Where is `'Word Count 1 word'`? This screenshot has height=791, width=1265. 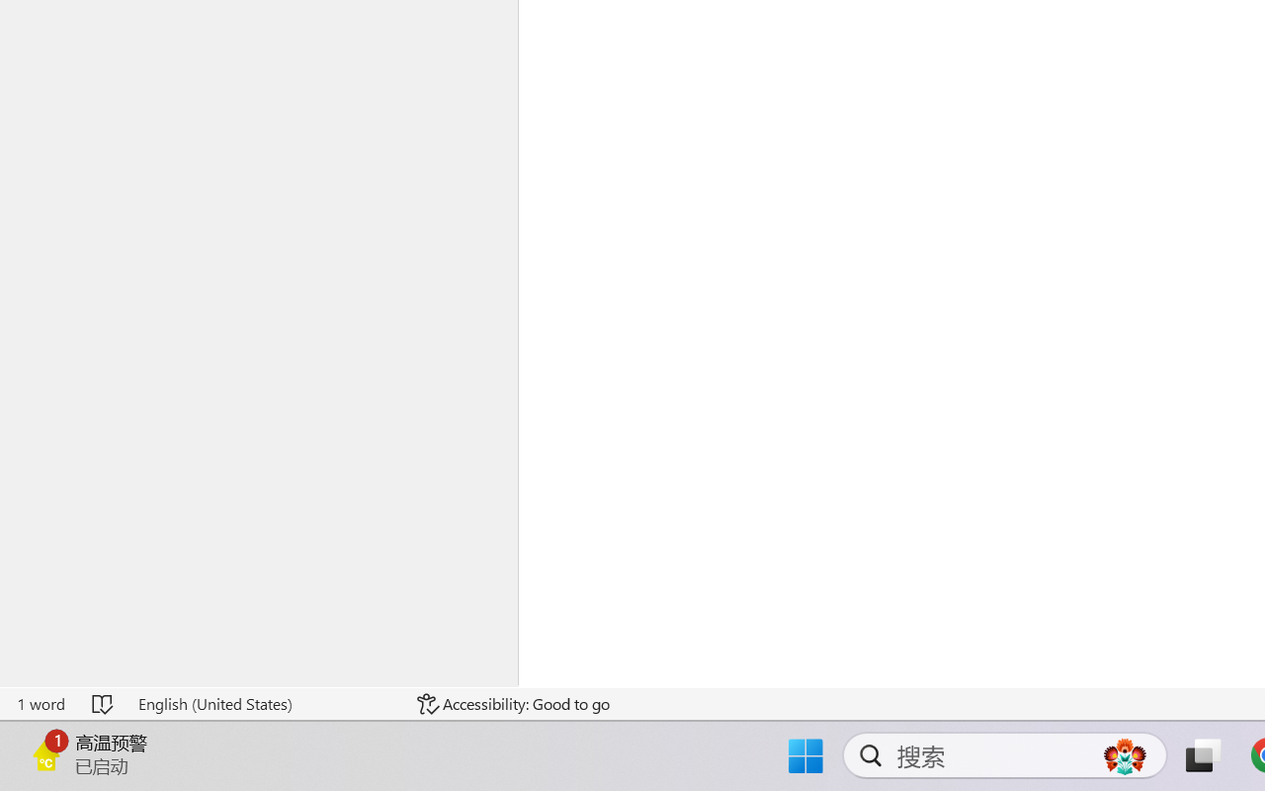
'Word Count 1 word' is located at coordinates (41, 703).